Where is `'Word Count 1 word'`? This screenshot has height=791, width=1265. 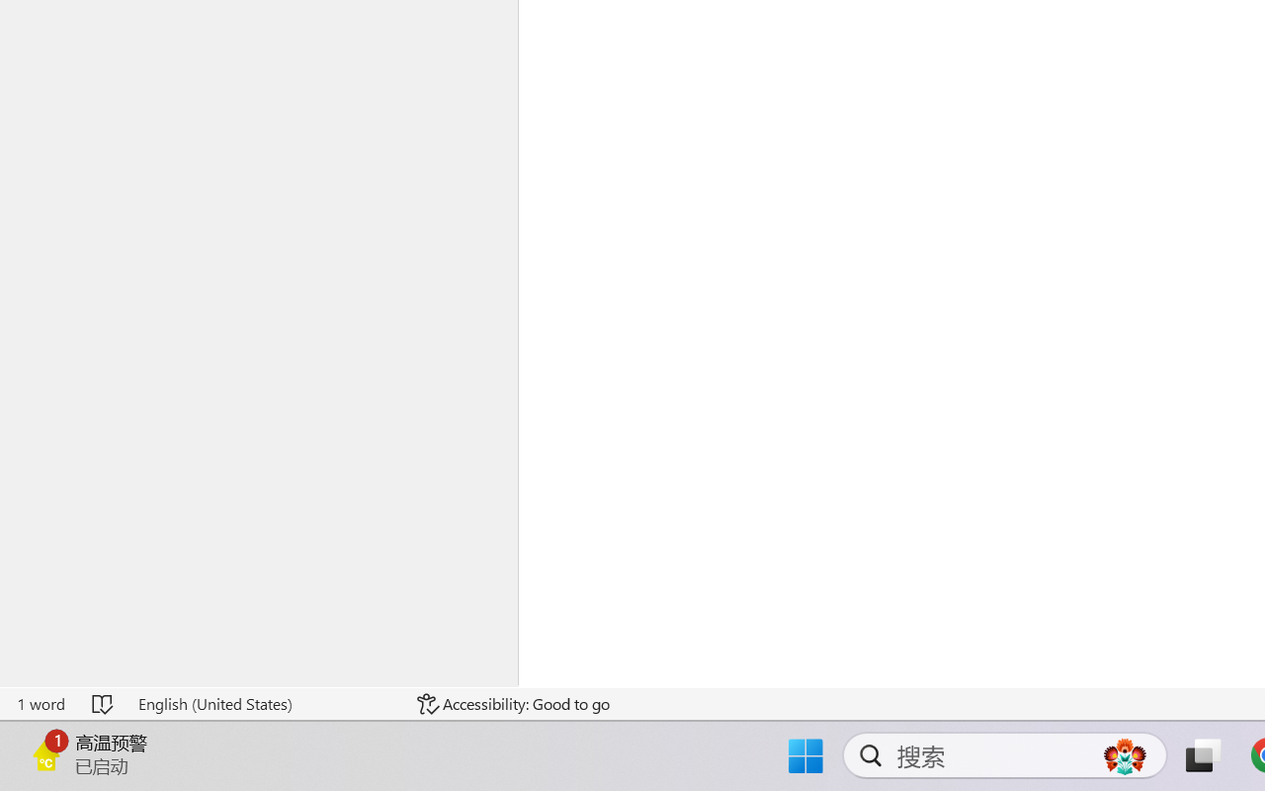
'Word Count 1 word' is located at coordinates (41, 703).